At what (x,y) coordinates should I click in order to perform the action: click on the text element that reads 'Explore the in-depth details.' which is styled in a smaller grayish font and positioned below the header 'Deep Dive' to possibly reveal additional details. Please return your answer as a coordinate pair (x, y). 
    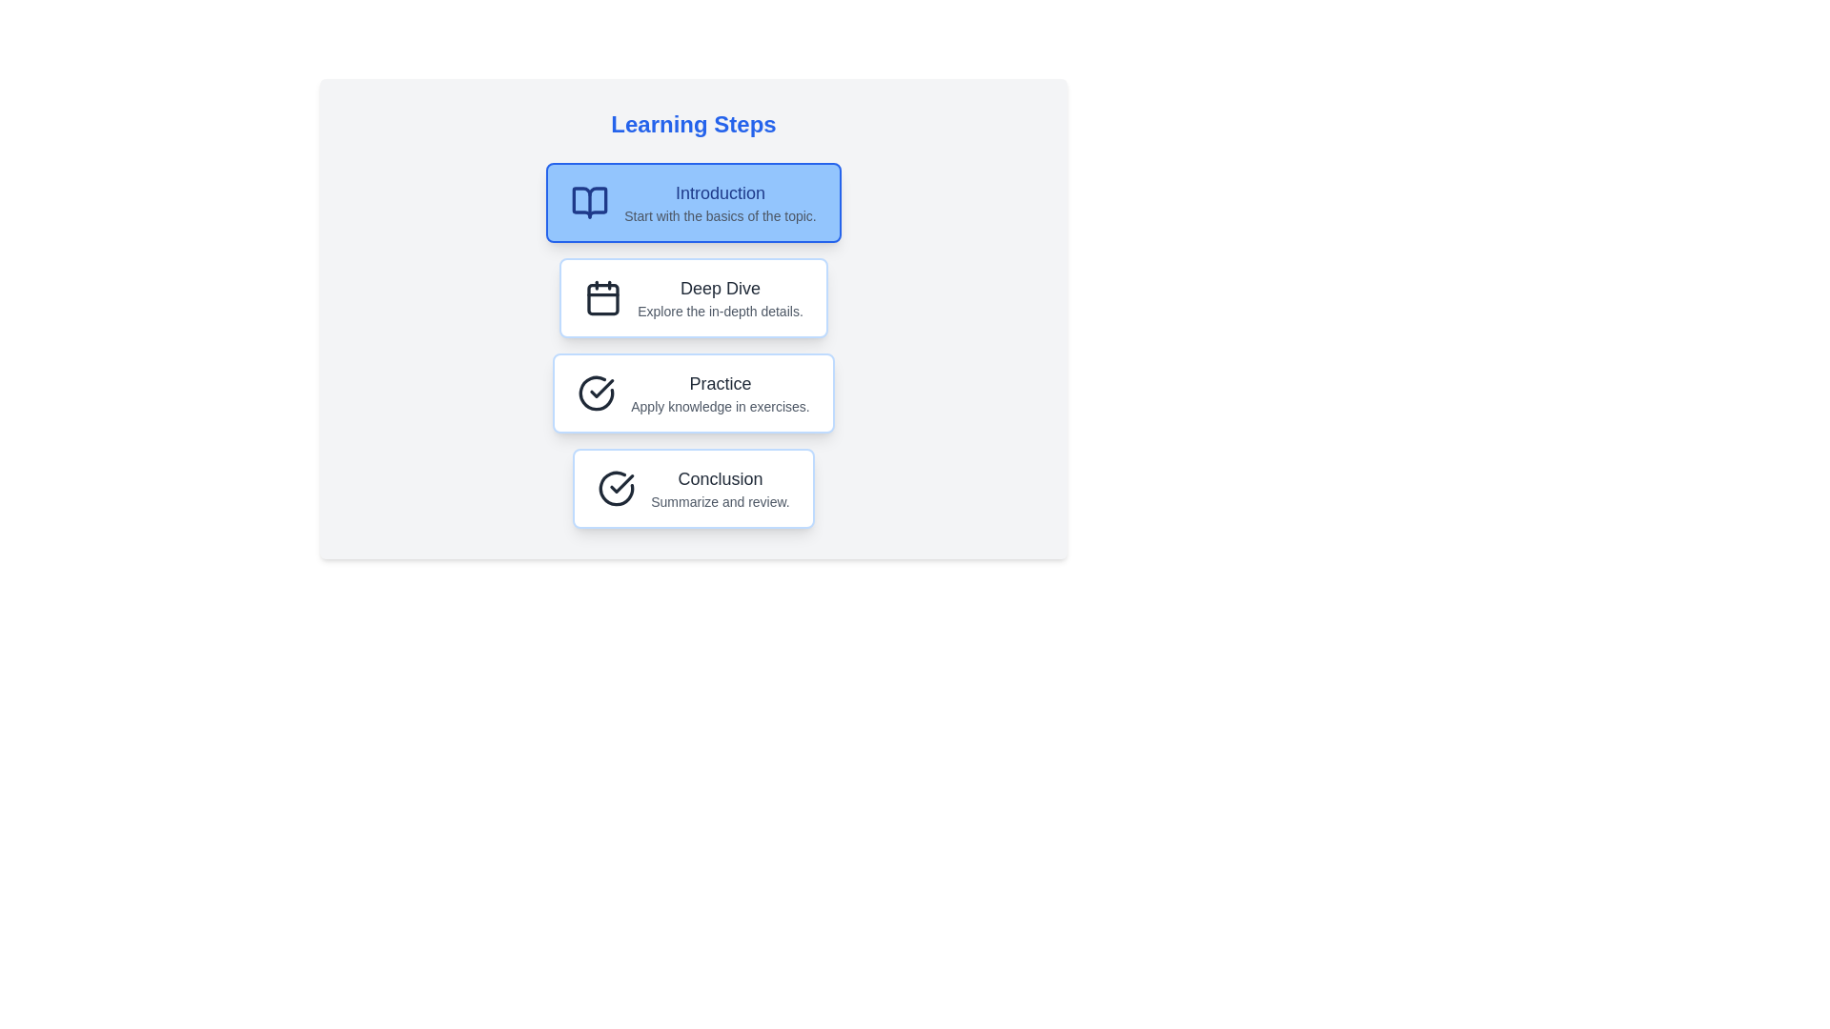
    Looking at the image, I should click on (719, 311).